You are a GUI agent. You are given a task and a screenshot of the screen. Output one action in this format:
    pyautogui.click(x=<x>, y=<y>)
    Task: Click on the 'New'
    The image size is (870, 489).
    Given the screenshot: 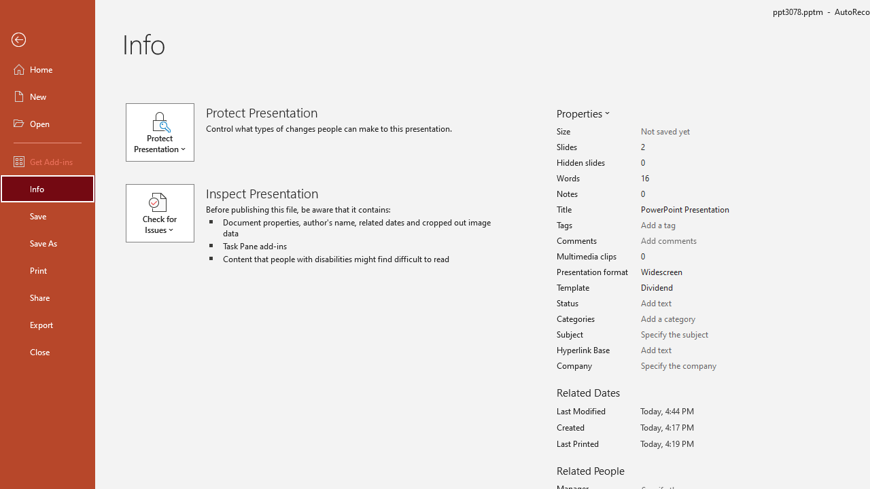 What is the action you would take?
    pyautogui.click(x=47, y=95)
    